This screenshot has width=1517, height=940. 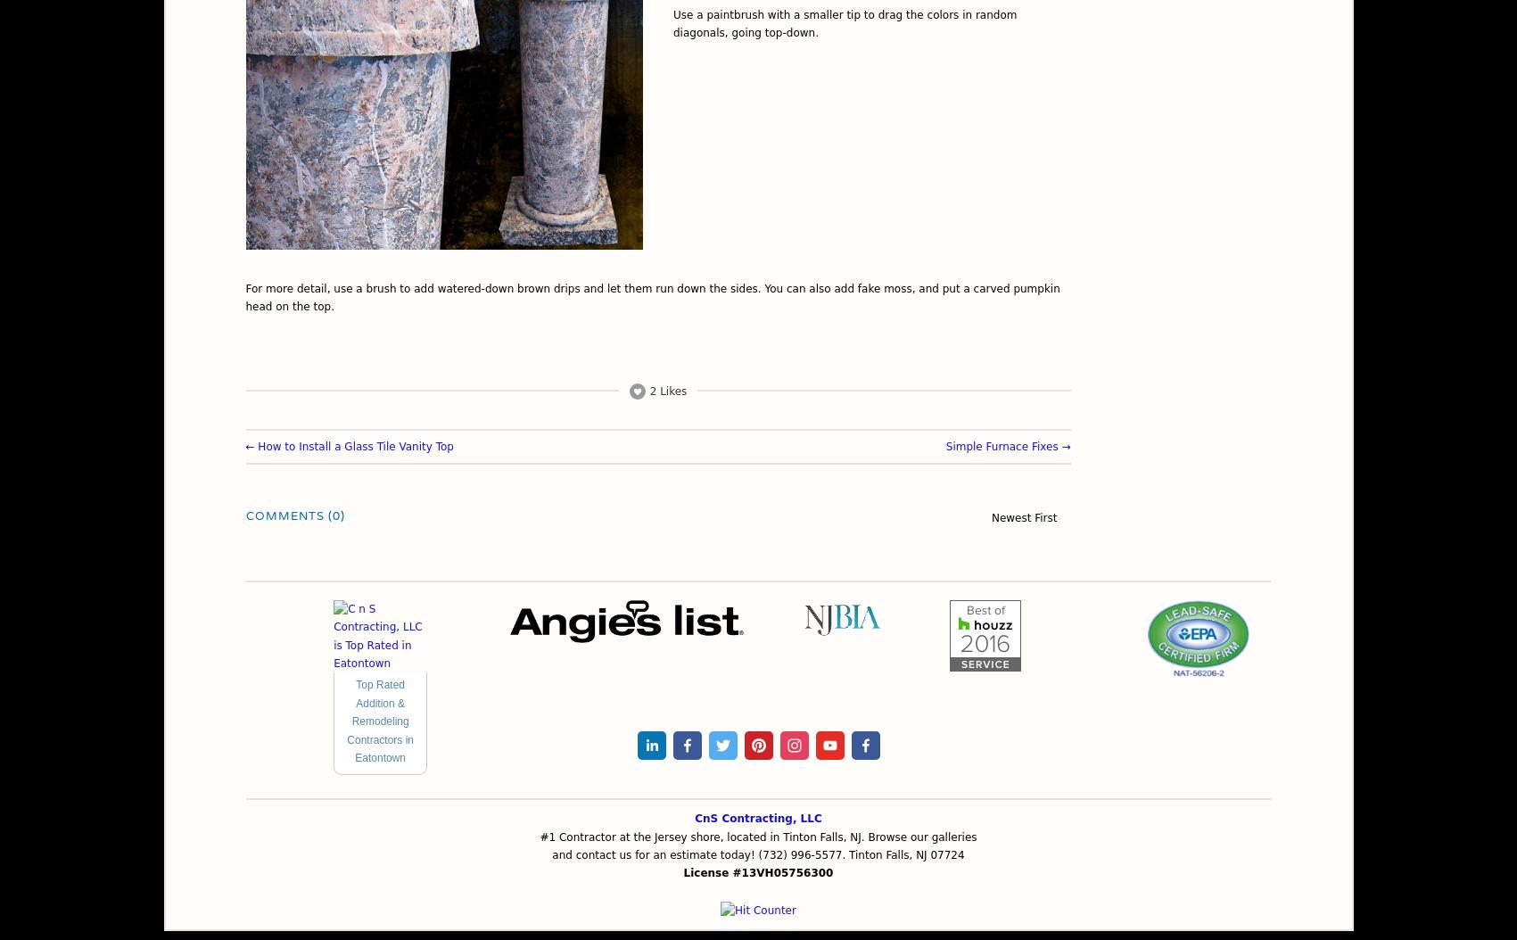 I want to click on 'Comments (0)', so click(x=294, y=515).